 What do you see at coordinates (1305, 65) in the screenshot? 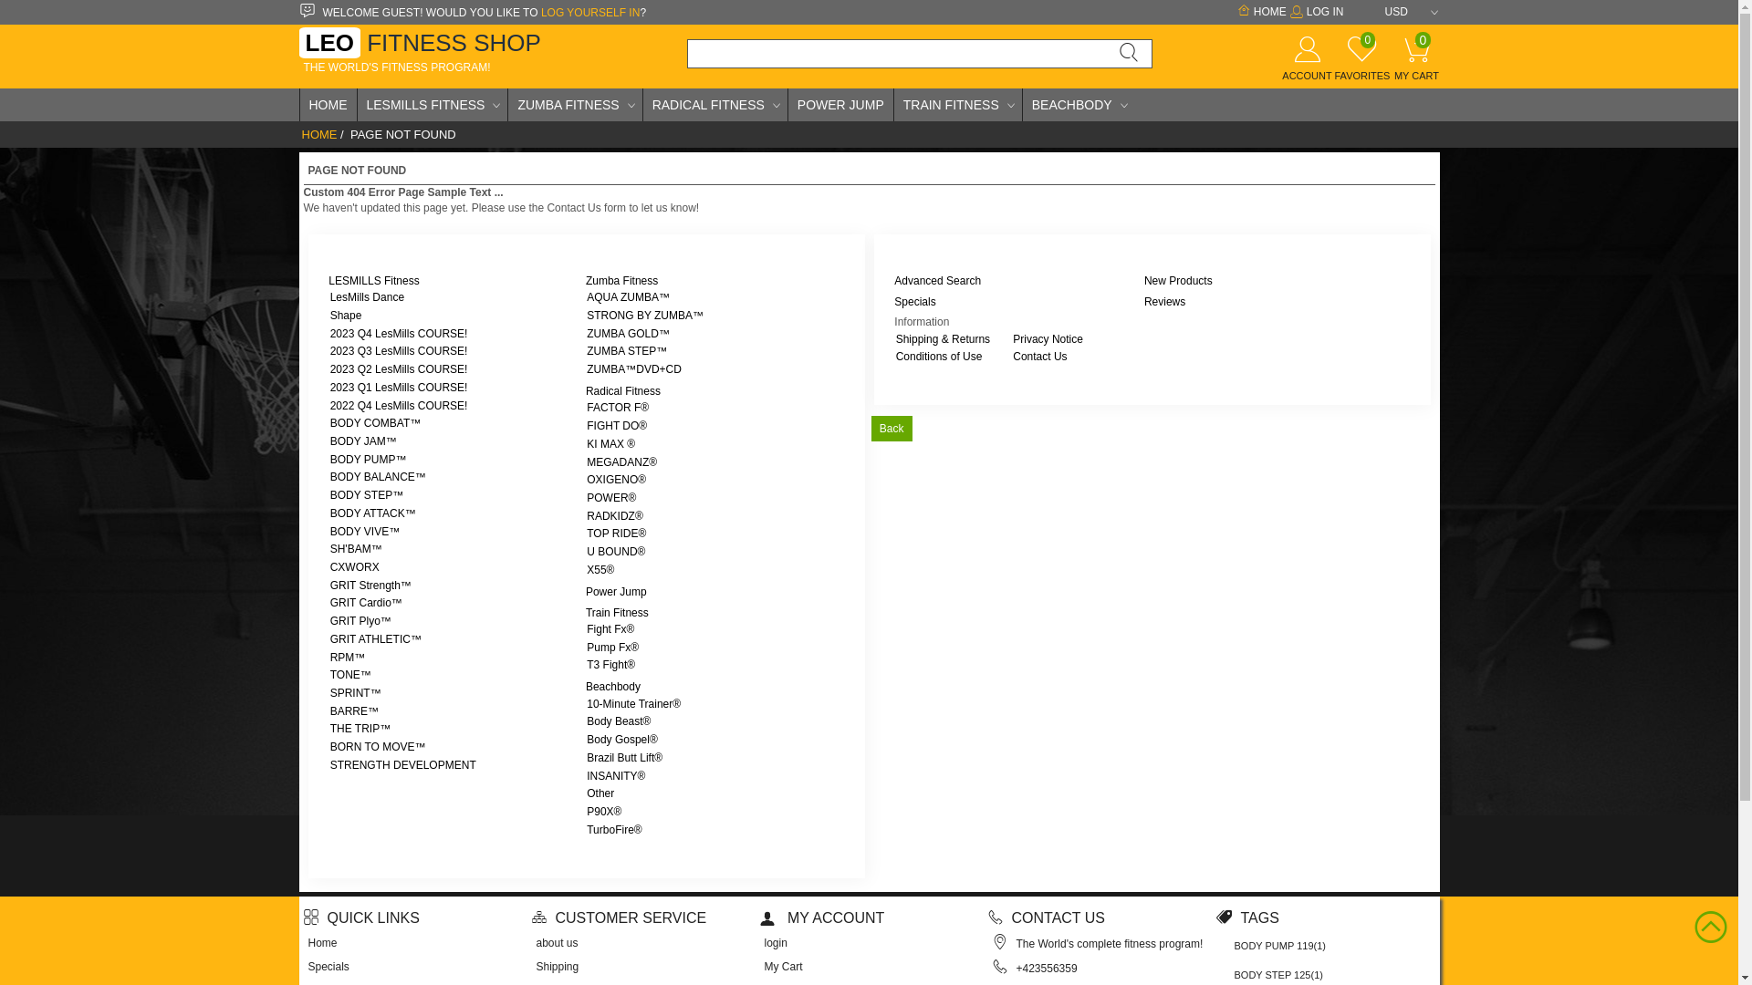
I see `'ACCOUNT'` at bounding box center [1305, 65].